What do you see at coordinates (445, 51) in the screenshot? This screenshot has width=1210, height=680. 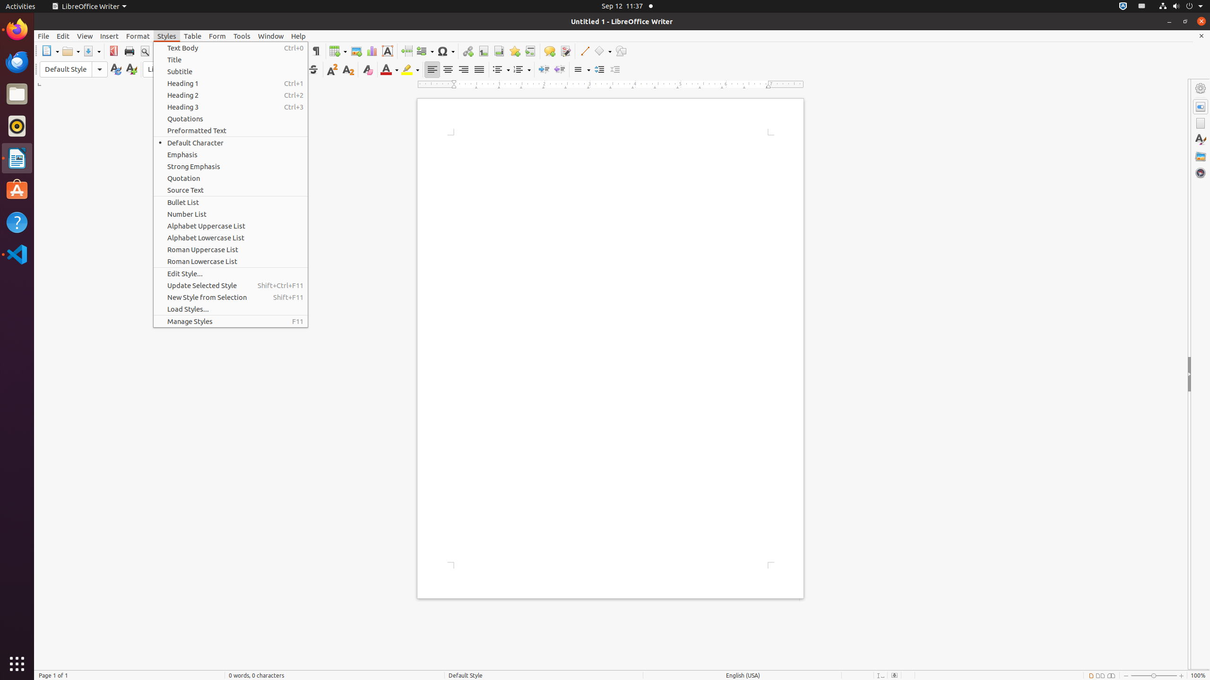 I see `'Symbol'` at bounding box center [445, 51].